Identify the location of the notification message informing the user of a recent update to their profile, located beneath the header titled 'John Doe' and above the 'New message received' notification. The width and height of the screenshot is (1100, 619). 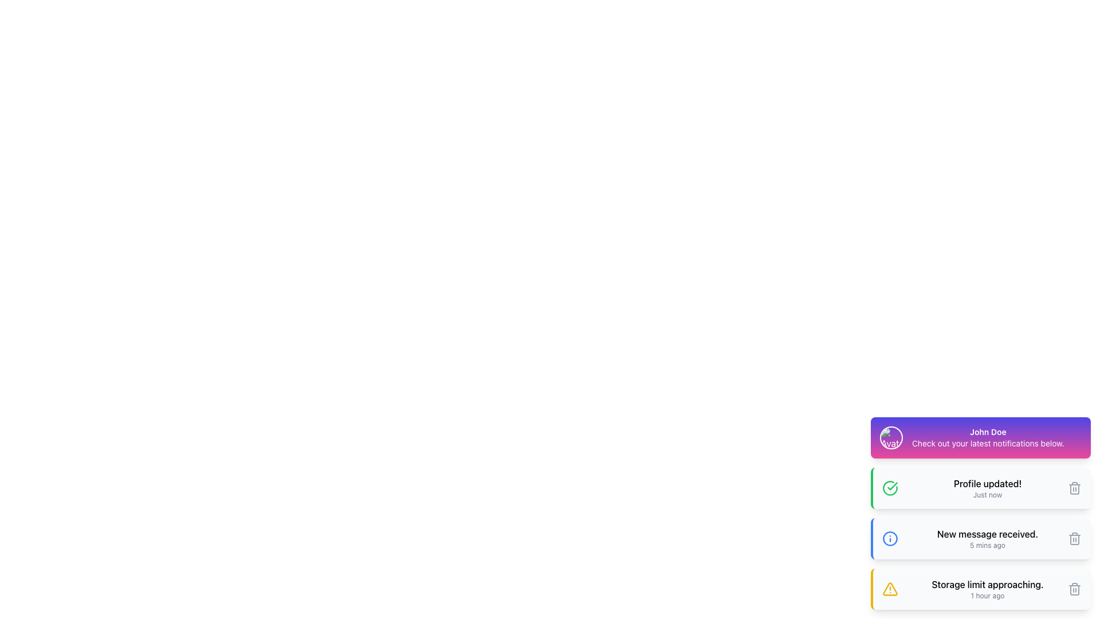
(987, 488).